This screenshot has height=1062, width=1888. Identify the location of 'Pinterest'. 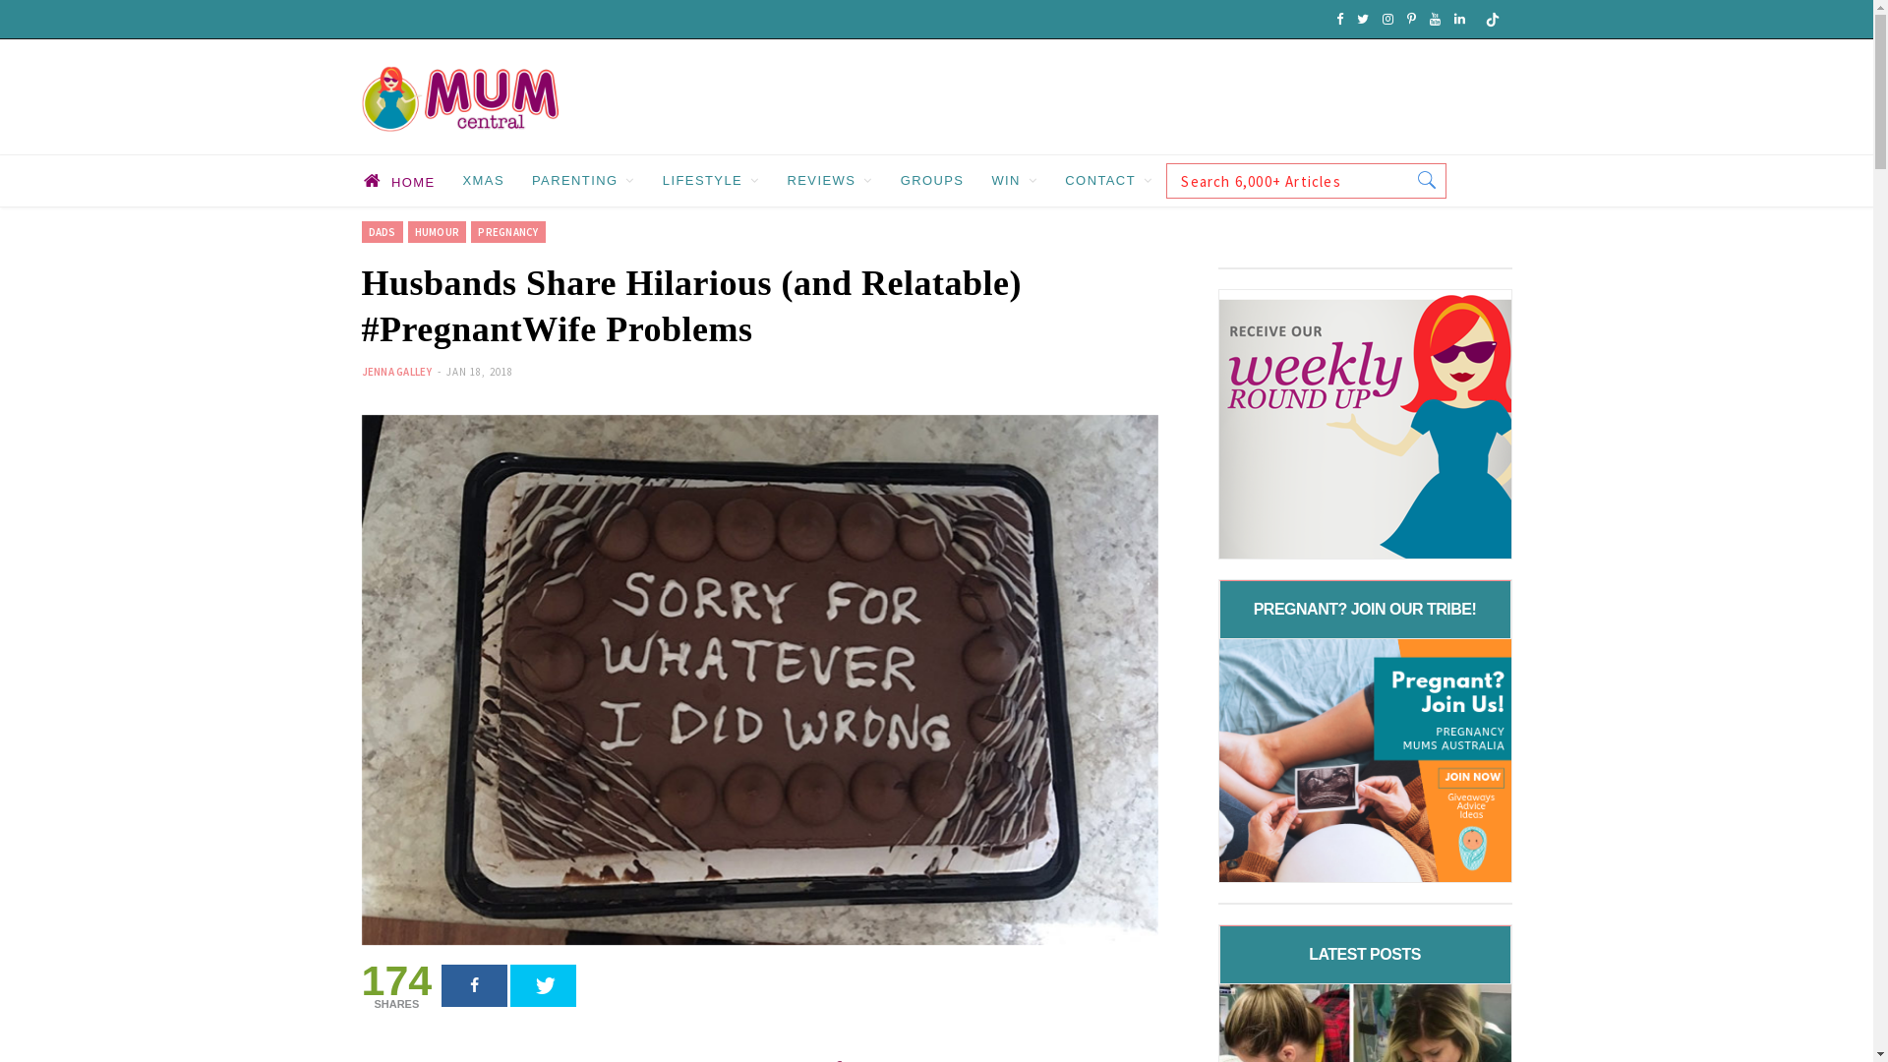
(1409, 19).